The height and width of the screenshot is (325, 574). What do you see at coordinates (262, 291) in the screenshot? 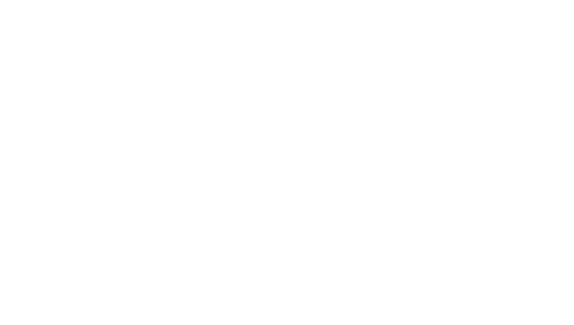
I see `'StageOne2 is a funky—and functional—tool for manipulating the stereo image for width and depth, so we took it for a spin; here's what happened.'` at bounding box center [262, 291].